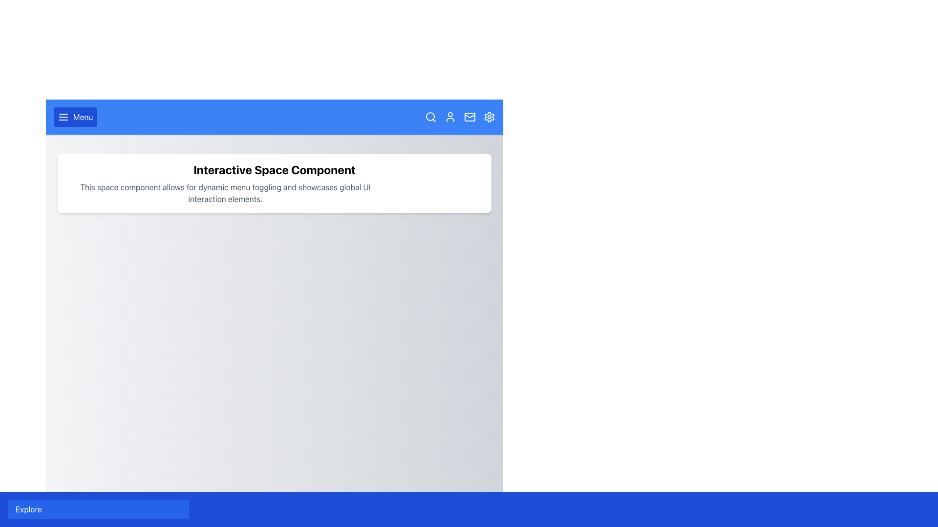 The height and width of the screenshot is (527, 938). I want to click on the rectangular body of the envelope icon, which is part of the SVG representation for messaging or mailing features, so click(469, 116).